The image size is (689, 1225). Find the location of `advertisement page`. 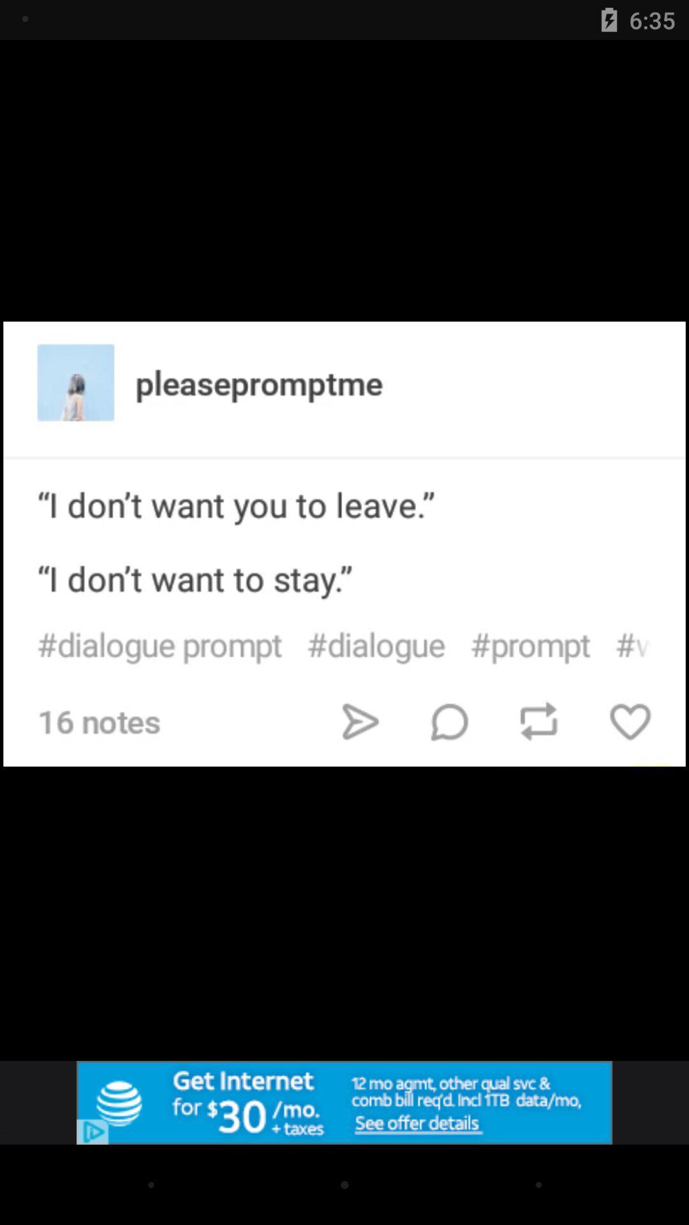

advertisement page is located at coordinates (344, 1102).